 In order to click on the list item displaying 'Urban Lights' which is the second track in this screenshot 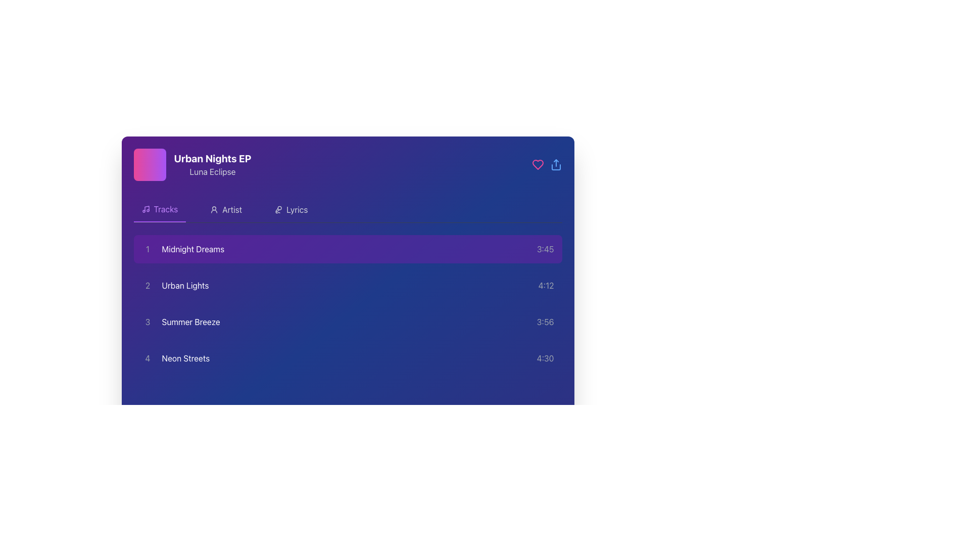, I will do `click(175, 285)`.